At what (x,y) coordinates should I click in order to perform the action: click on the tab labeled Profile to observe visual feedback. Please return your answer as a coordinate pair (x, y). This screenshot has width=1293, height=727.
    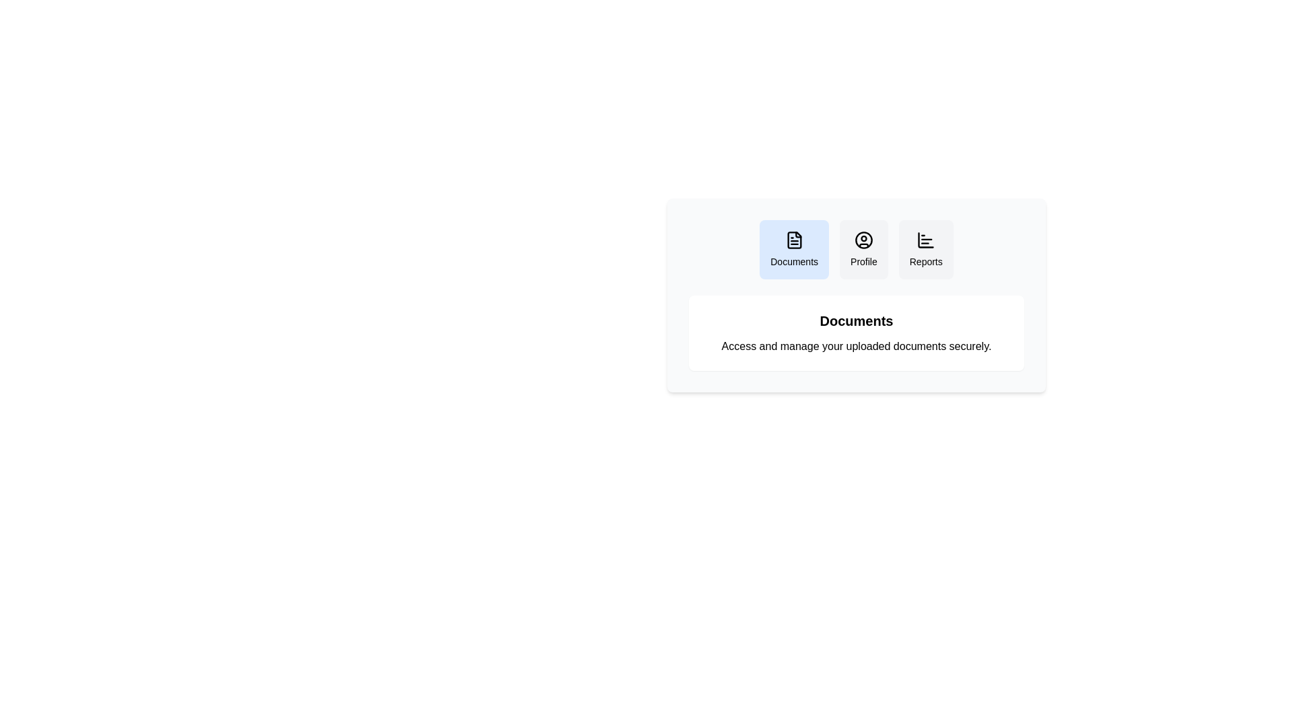
    Looking at the image, I should click on (863, 249).